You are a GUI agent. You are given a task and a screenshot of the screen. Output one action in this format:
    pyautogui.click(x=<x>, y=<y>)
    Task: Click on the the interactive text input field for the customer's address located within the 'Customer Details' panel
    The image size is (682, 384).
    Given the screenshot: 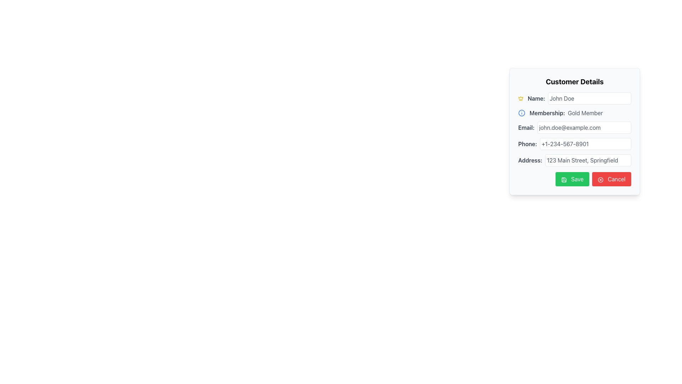 What is the action you would take?
    pyautogui.click(x=574, y=160)
    